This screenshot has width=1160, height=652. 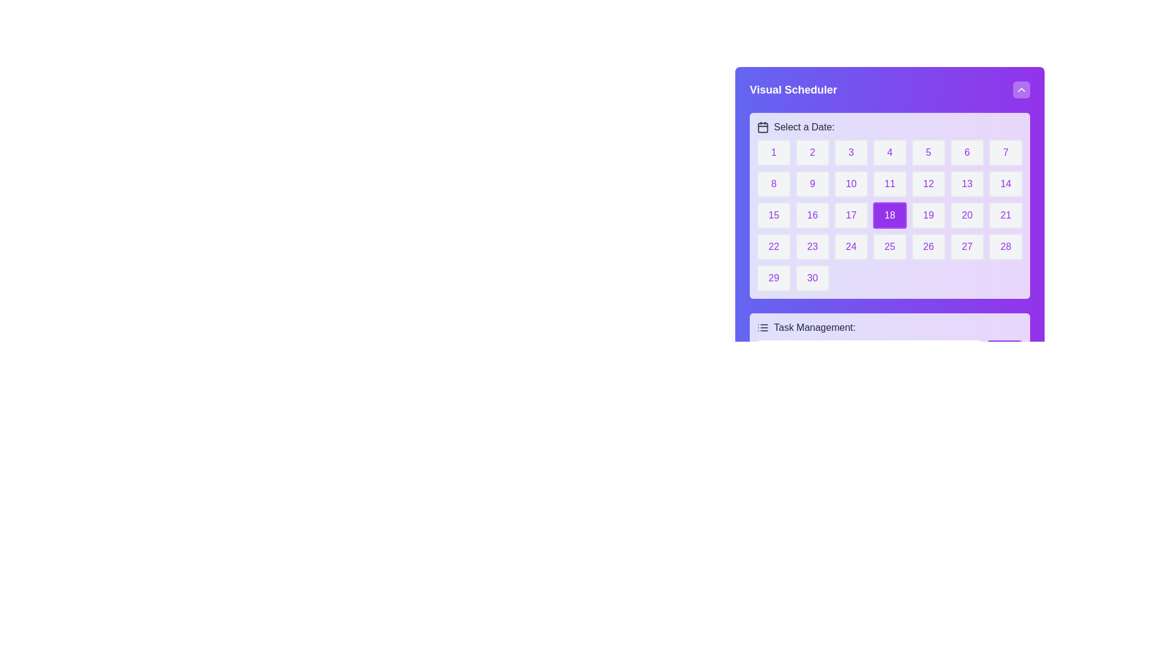 What do you see at coordinates (967, 184) in the screenshot?
I see `the button displaying the number '13' in purple text on a light gray background, which is the sixth item in the second row of a calendar grid` at bounding box center [967, 184].